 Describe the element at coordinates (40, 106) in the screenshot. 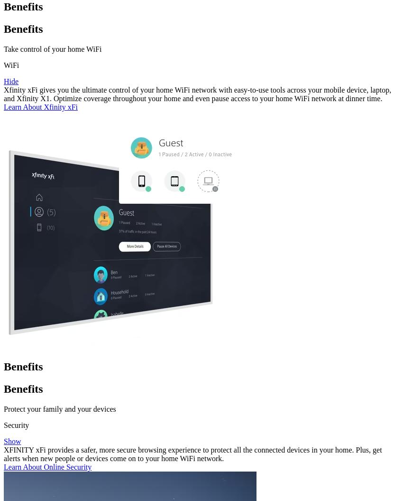

I see `'Learn About Xfinity xFi'` at that location.